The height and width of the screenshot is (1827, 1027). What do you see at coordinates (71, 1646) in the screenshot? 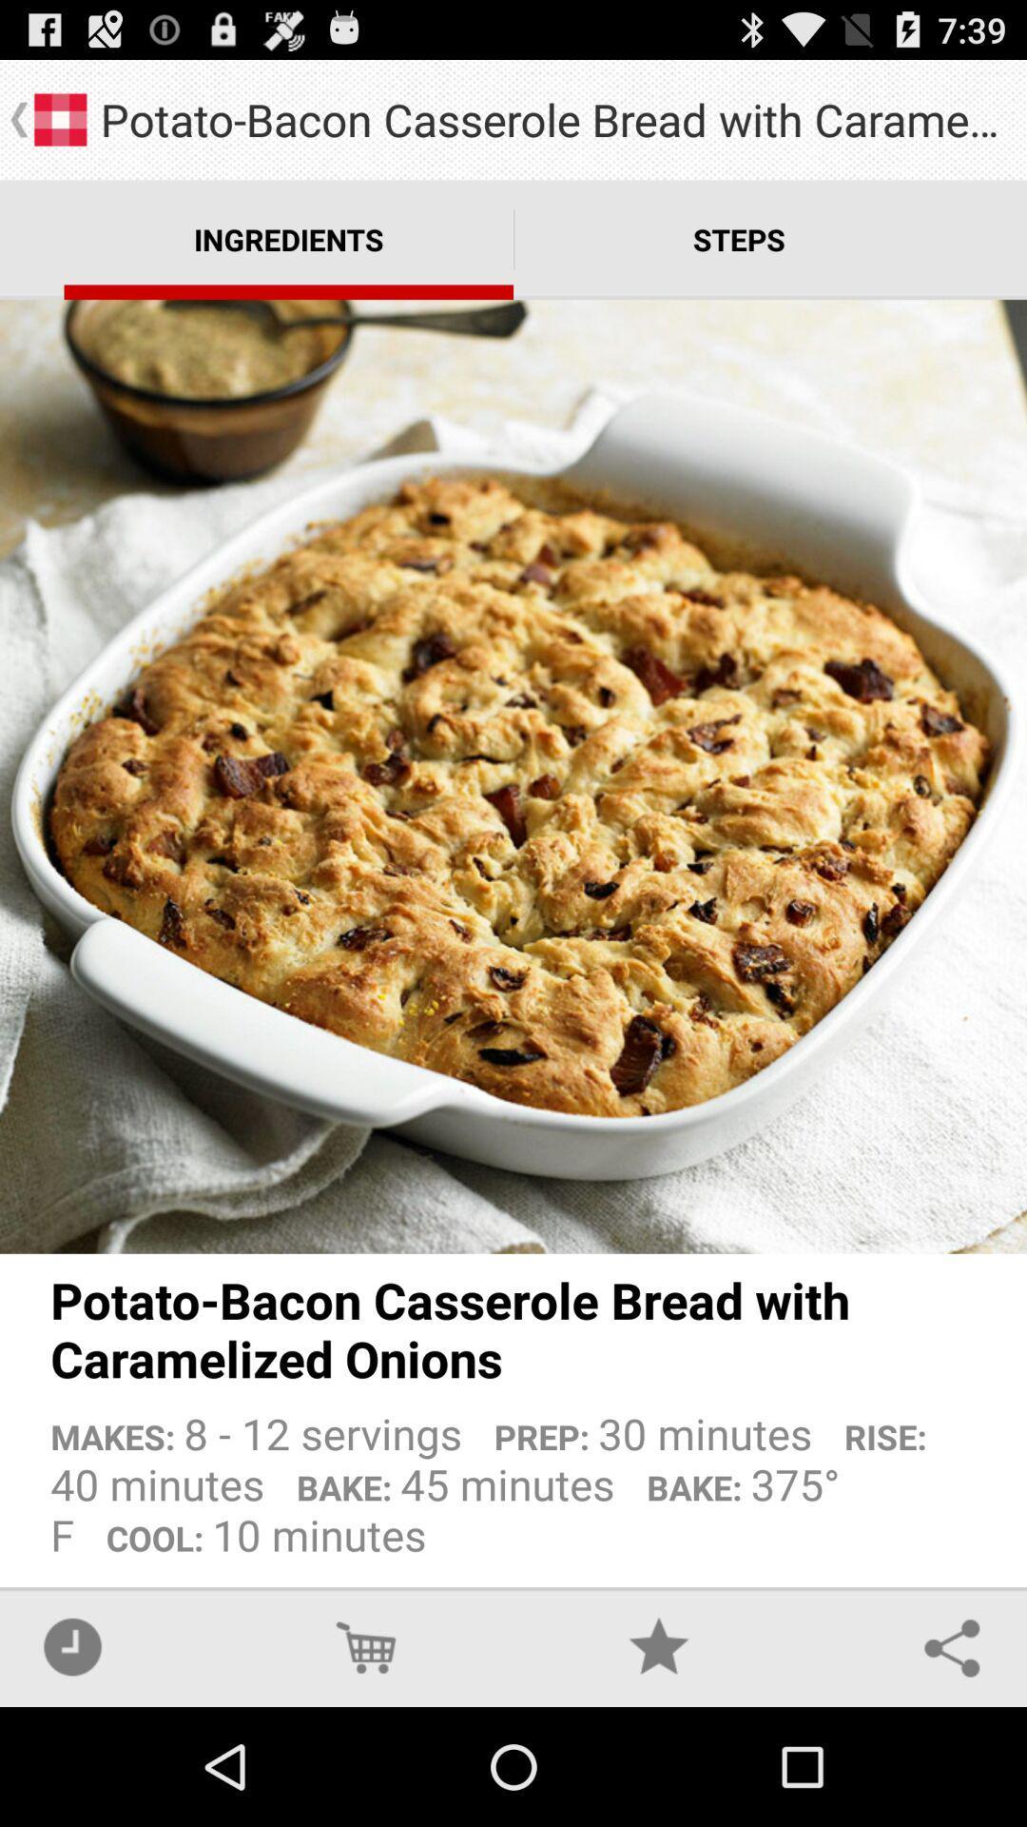
I see `the app below makes 8 12 icon` at bounding box center [71, 1646].